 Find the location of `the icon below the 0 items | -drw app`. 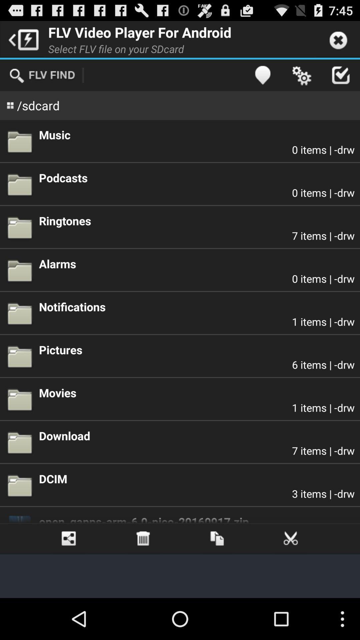

the icon below the 0 items | -drw app is located at coordinates (196, 221).